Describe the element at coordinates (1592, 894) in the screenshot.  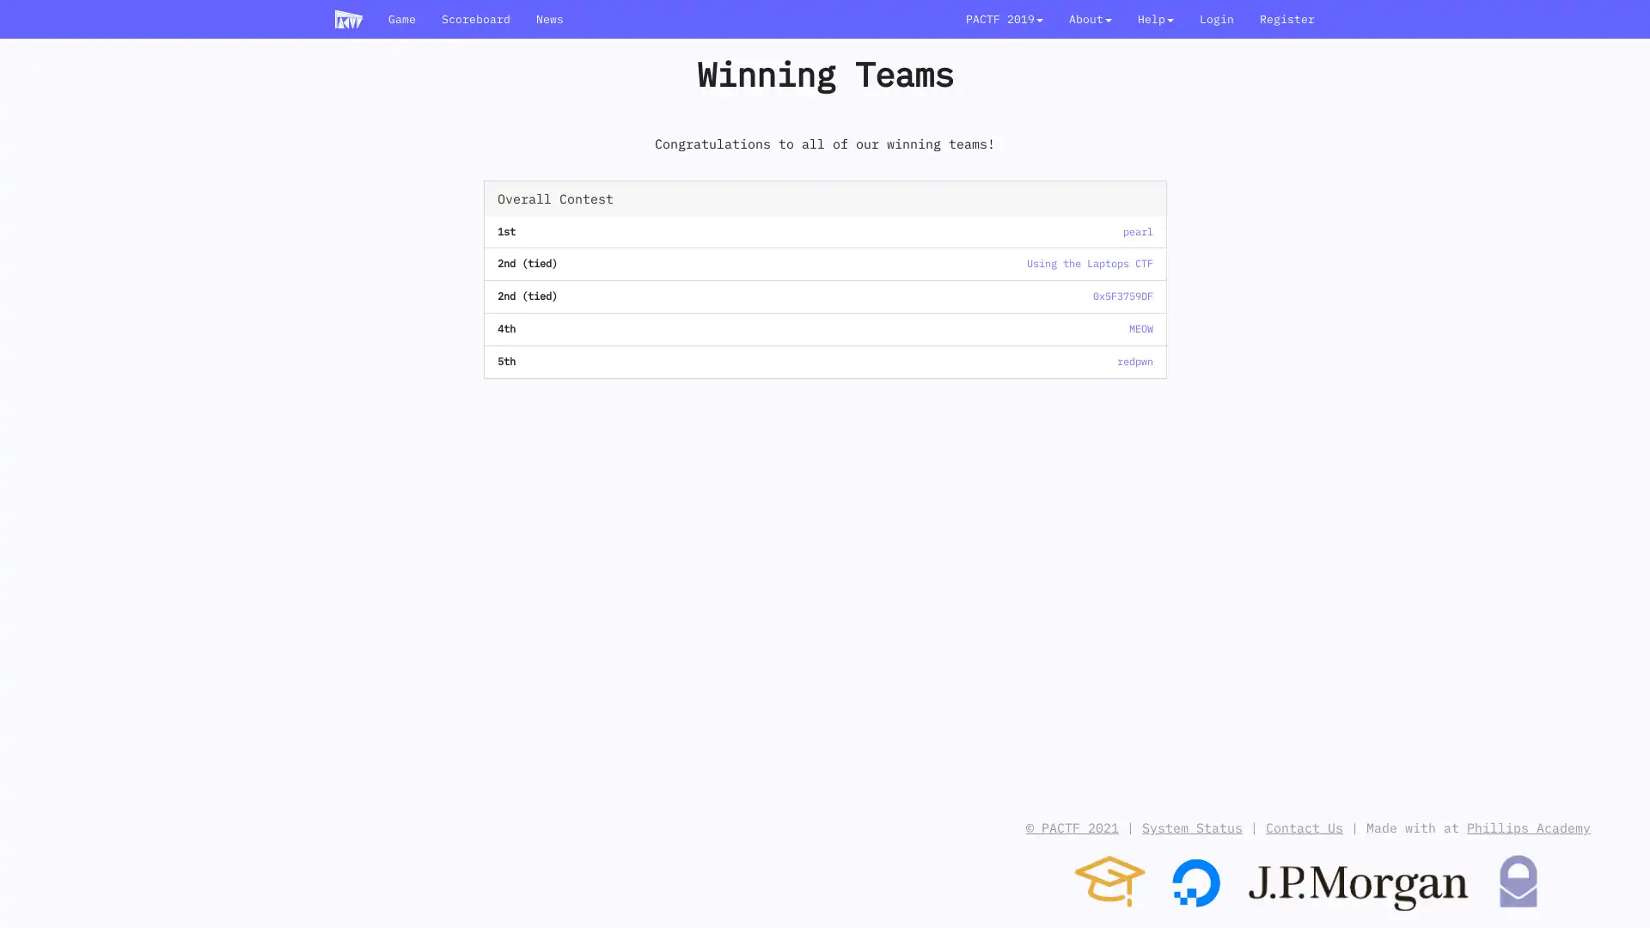
I see `Got It` at that location.